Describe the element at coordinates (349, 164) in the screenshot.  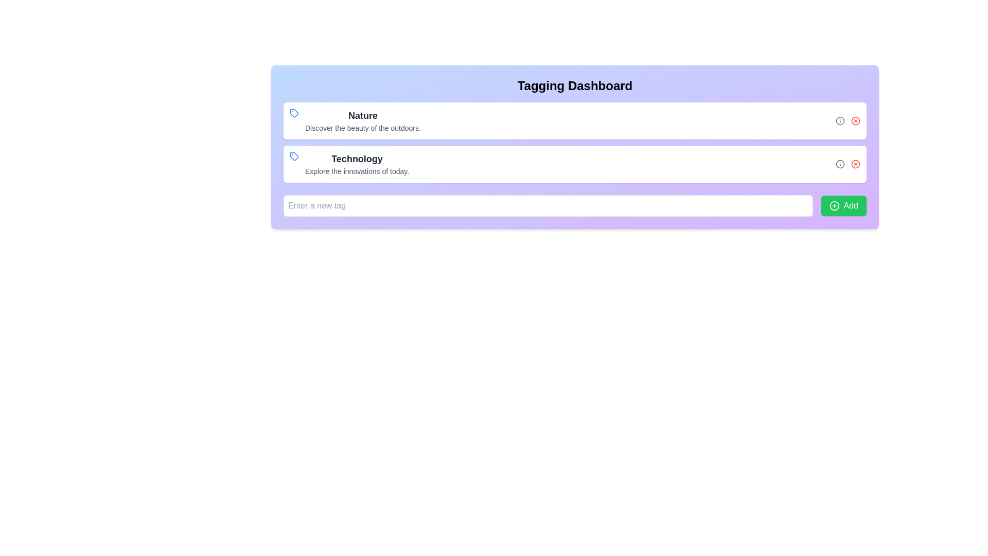
I see `text displayed in the 'Technology' tag element, which is the second item in the vertical list within the 'Tagging Dashboard' section` at that location.